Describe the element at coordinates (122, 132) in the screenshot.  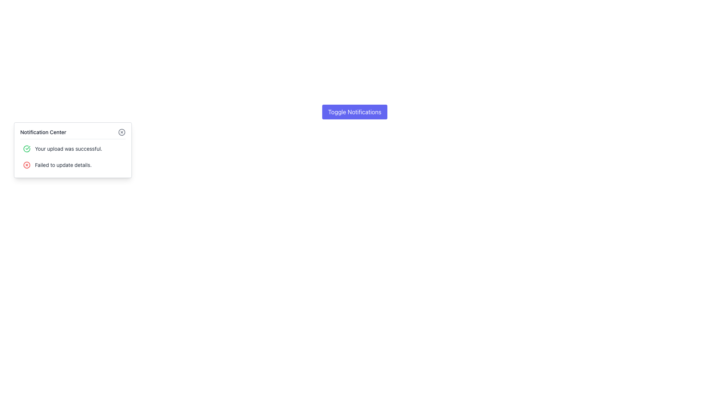
I see `the circular part of the icon located in the top-right corner of the notification center box, which serves a decorative or symbolic function` at that location.